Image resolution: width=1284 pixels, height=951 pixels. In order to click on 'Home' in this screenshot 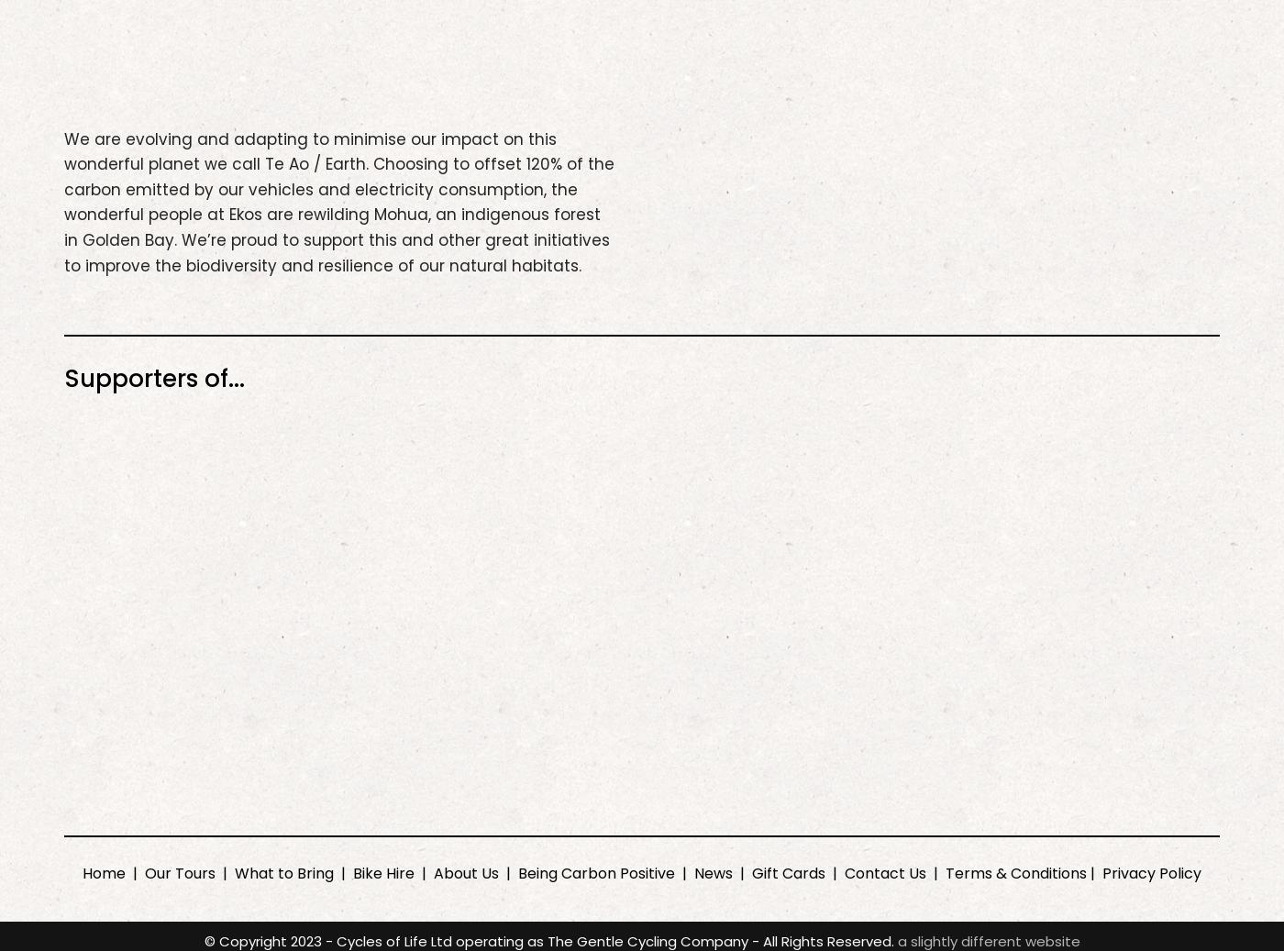, I will do `click(82, 872)`.